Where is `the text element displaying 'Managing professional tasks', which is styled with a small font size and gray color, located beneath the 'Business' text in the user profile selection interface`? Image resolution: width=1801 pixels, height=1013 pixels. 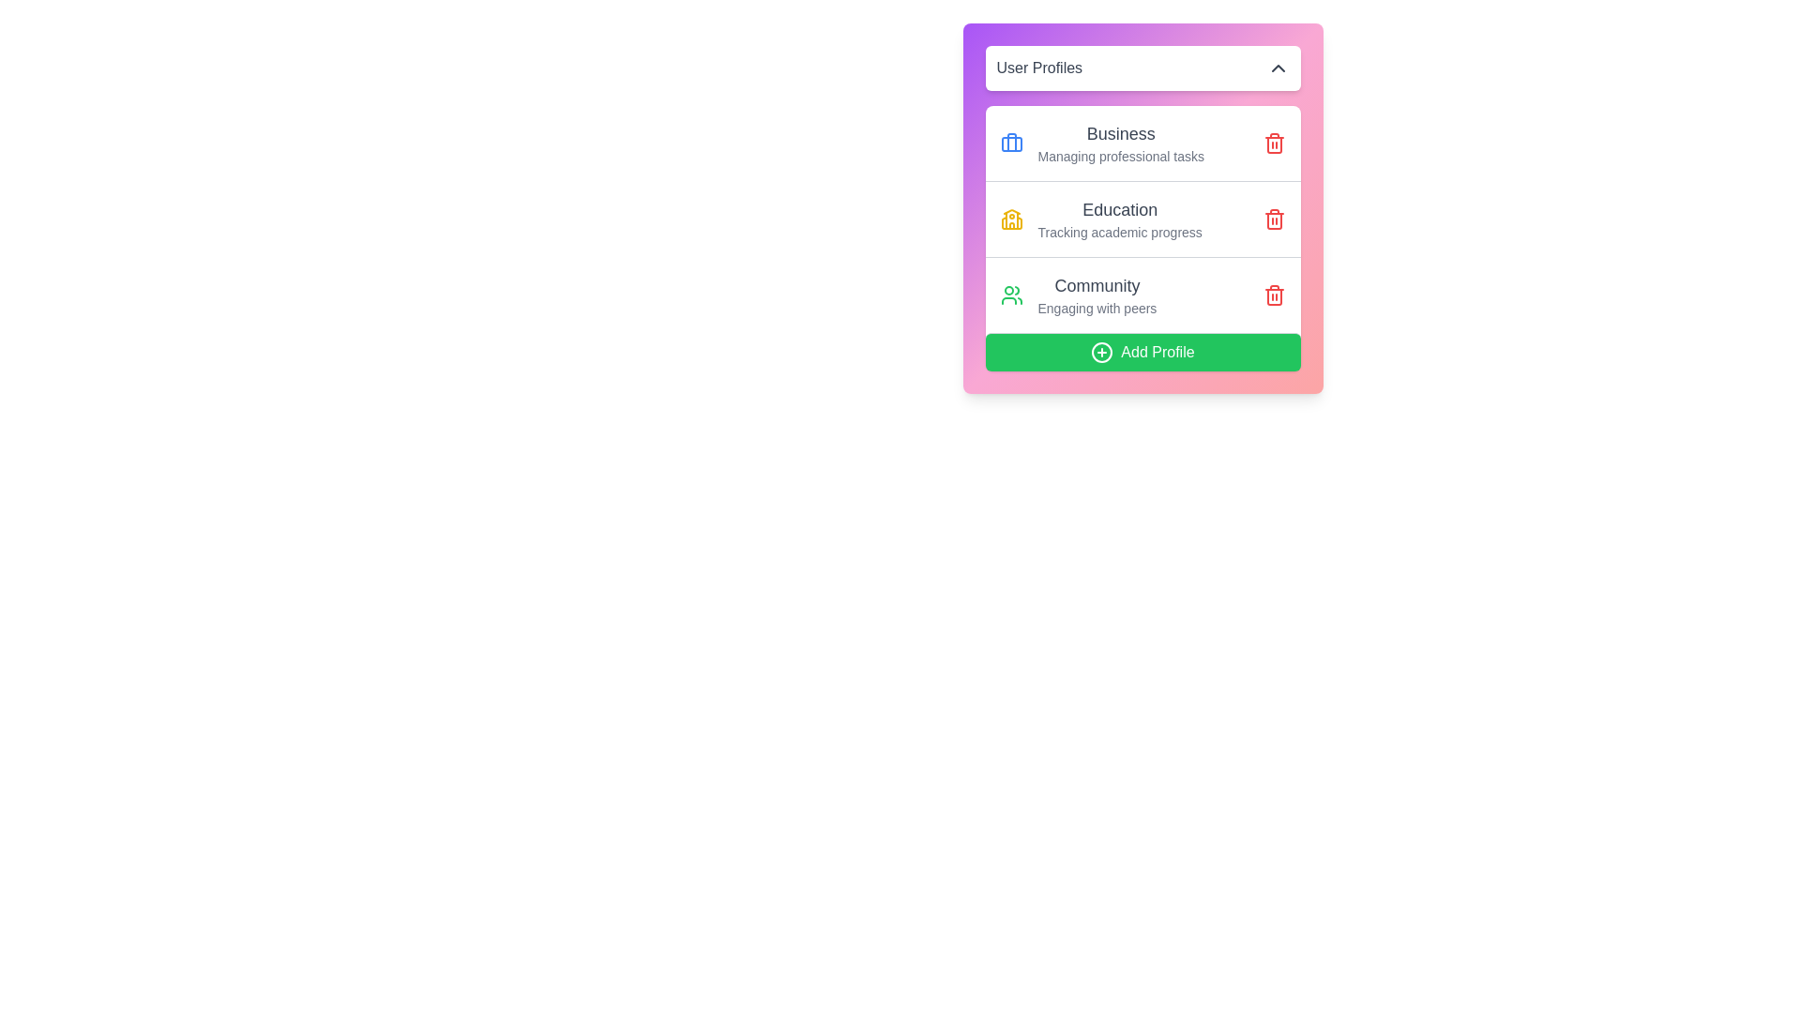 the text element displaying 'Managing professional tasks', which is styled with a small font size and gray color, located beneath the 'Business' text in the user profile selection interface is located at coordinates (1121, 155).